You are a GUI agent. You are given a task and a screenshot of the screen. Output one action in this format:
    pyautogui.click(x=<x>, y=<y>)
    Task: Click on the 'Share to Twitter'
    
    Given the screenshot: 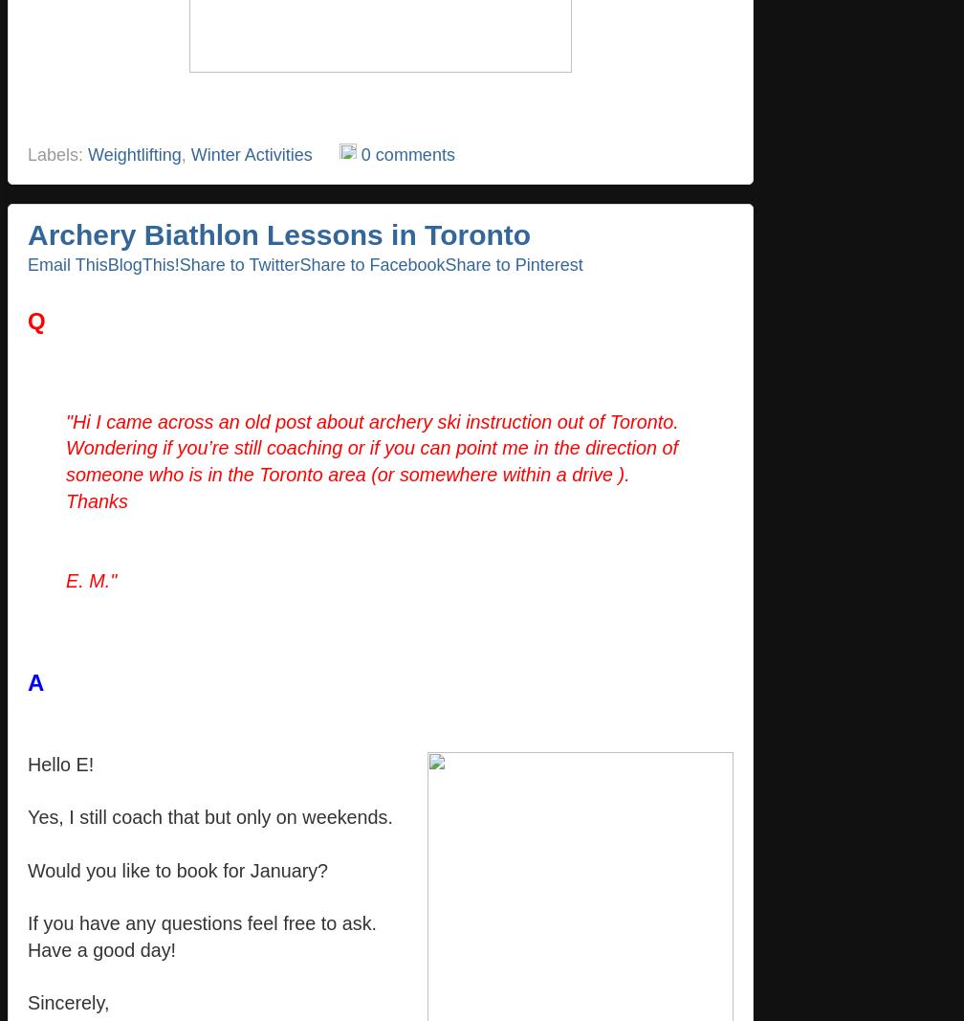 What is the action you would take?
    pyautogui.click(x=238, y=264)
    